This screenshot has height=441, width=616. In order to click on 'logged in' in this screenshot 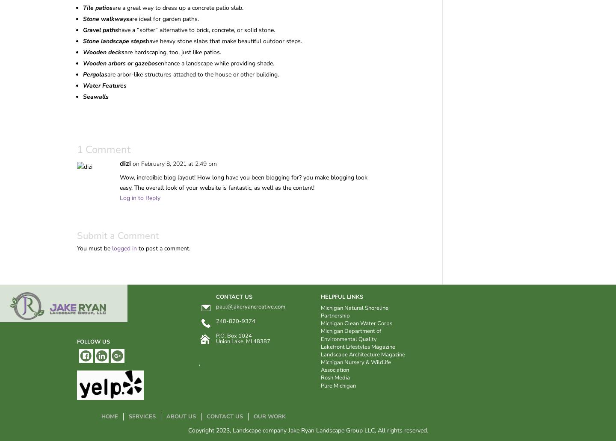, I will do `click(111, 248)`.